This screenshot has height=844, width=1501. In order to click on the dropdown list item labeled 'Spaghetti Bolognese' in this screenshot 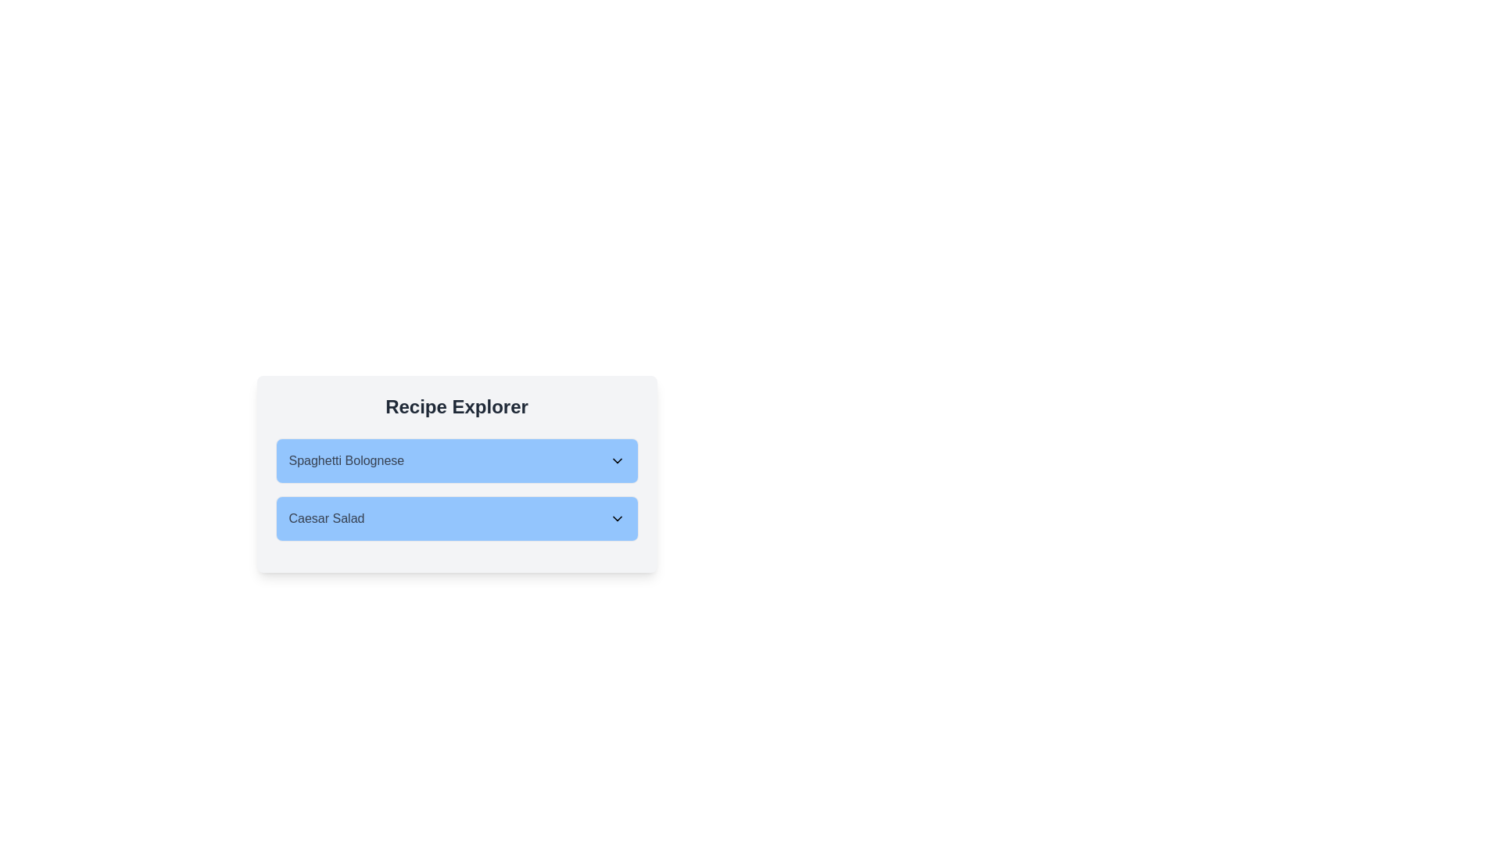, I will do `click(456, 460)`.